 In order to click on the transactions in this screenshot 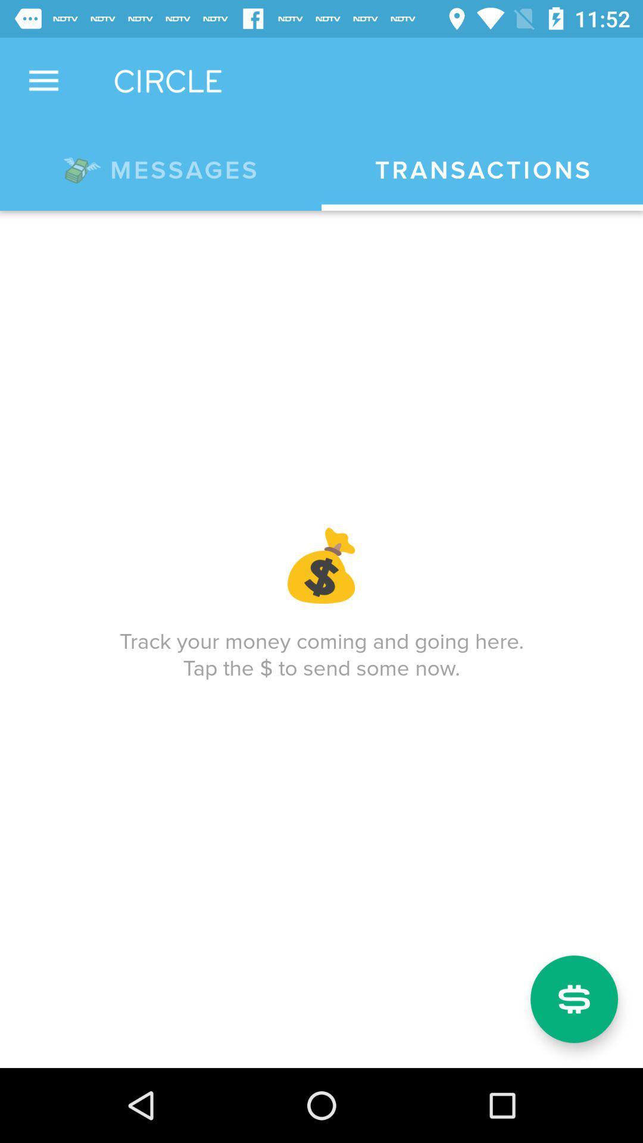, I will do `click(482, 170)`.